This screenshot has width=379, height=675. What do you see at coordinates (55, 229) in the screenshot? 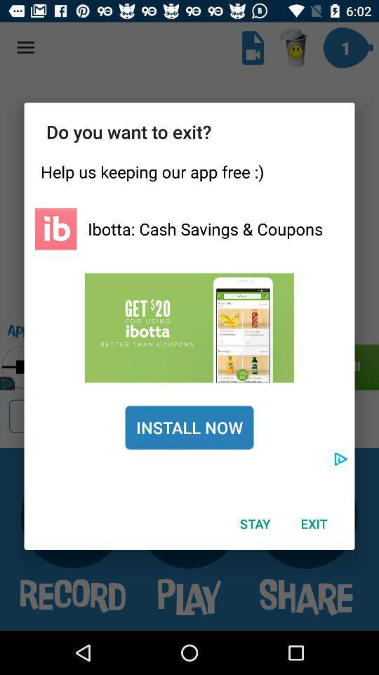
I see `go home on app` at bounding box center [55, 229].